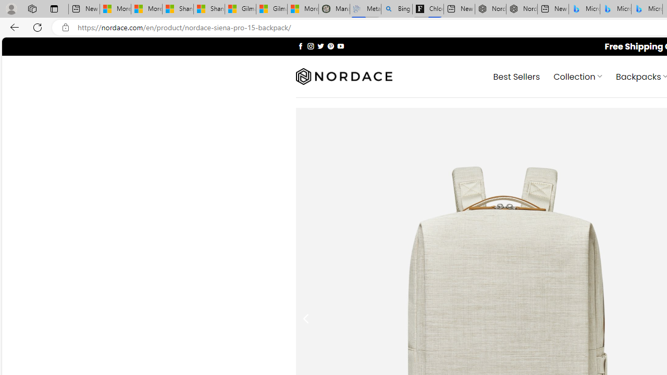 This screenshot has height=375, width=667. What do you see at coordinates (343, 76) in the screenshot?
I see `'Nordace'` at bounding box center [343, 76].